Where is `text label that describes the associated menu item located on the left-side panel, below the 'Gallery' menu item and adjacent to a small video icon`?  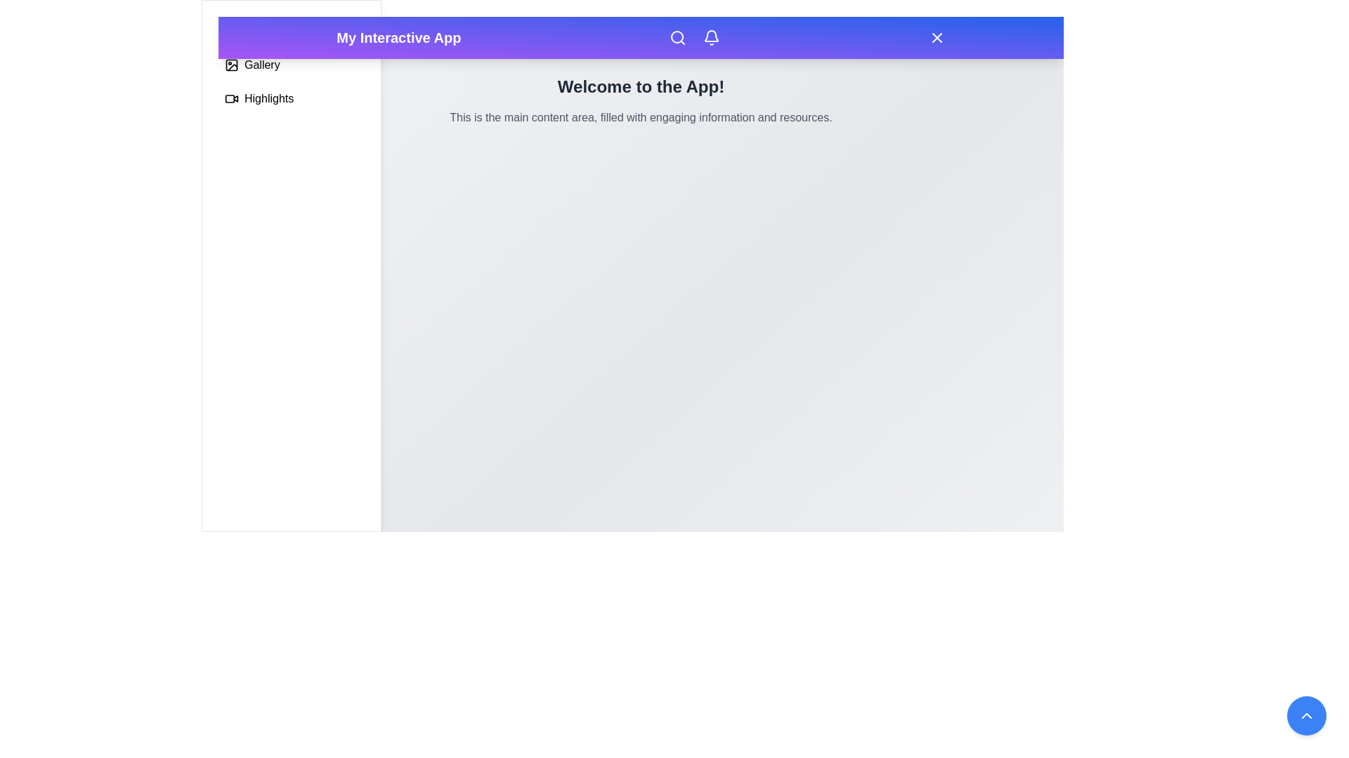 text label that describes the associated menu item located on the left-side panel, below the 'Gallery' menu item and adjacent to a small video icon is located at coordinates (269, 98).